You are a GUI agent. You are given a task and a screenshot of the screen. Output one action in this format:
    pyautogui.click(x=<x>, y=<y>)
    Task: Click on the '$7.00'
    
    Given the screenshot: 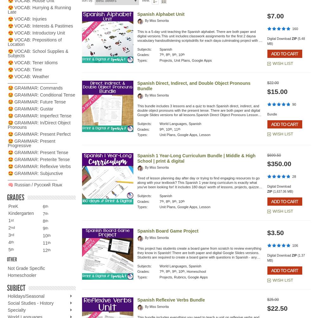 What is the action you would take?
    pyautogui.click(x=275, y=16)
    